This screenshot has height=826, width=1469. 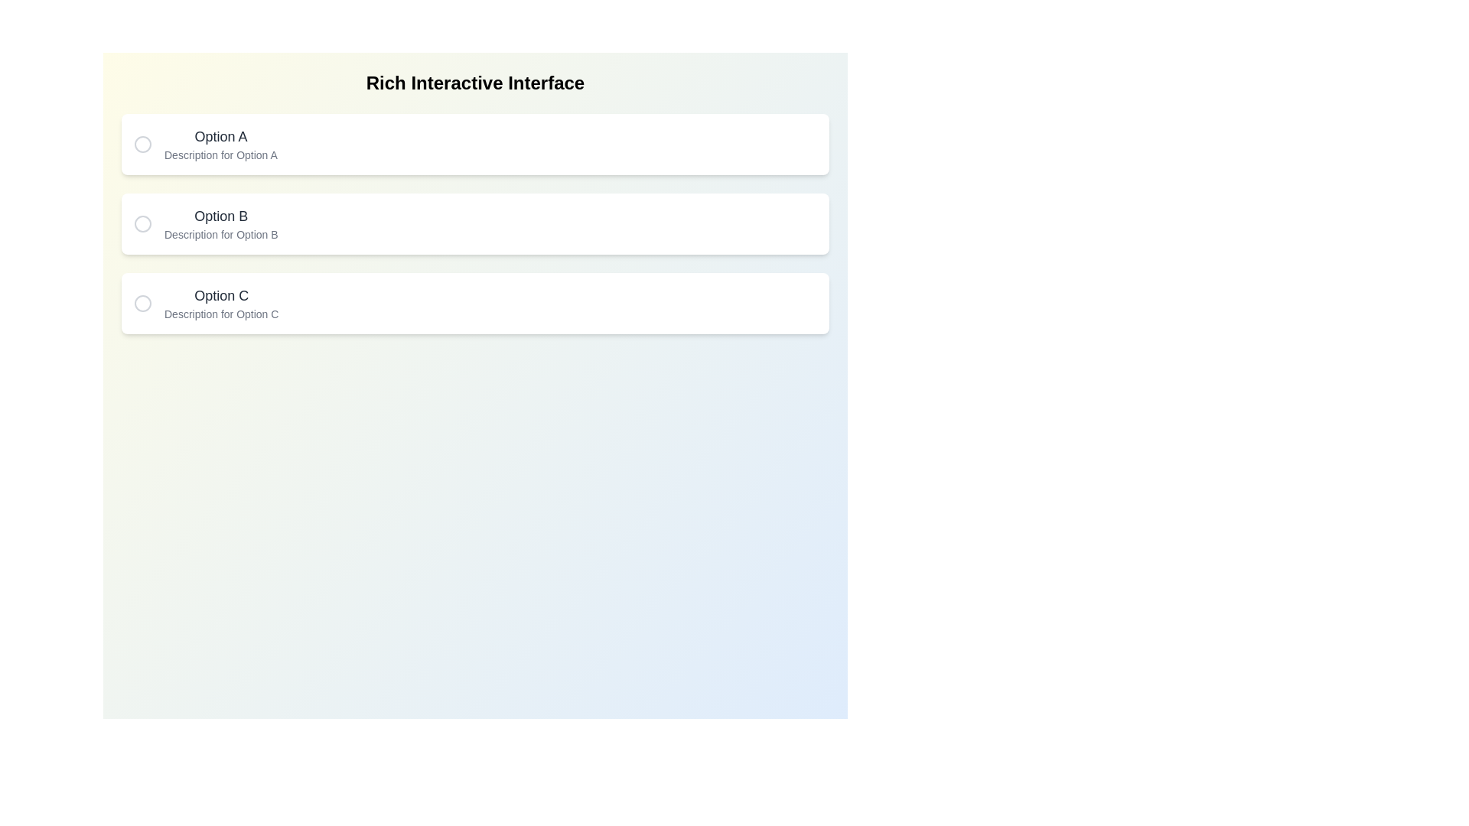 I want to click on circle button corresponding to Option B to toggle its selection, so click(x=143, y=224).